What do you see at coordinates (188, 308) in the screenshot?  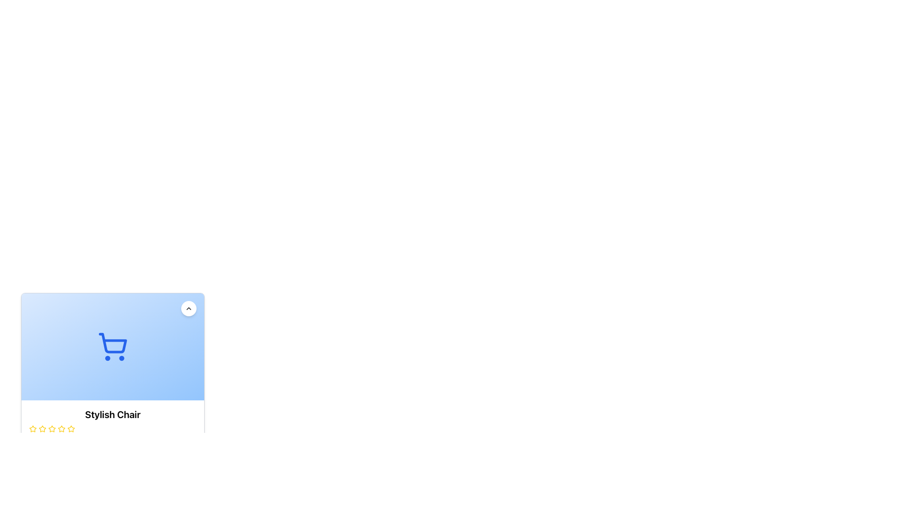 I see `the upward-pointing chevron-shaped SVG icon with a black stroke located at the top-right corner of the card-like layout` at bounding box center [188, 308].